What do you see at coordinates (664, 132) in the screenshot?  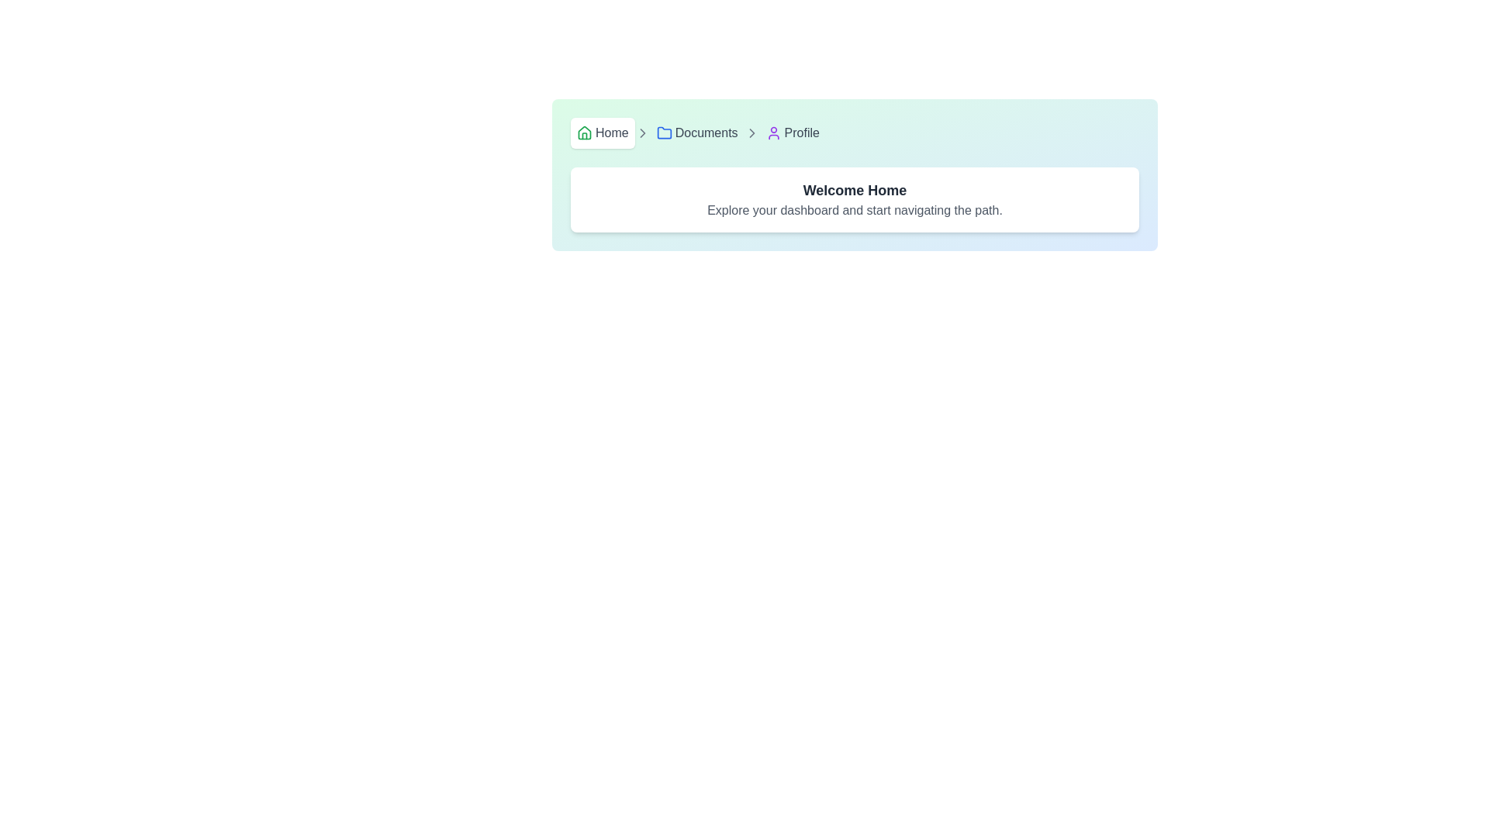 I see `the blue folder-shaped vector icon located in the breadcrumb navigation bar, positioned directly left of the 'Documents' label` at bounding box center [664, 132].